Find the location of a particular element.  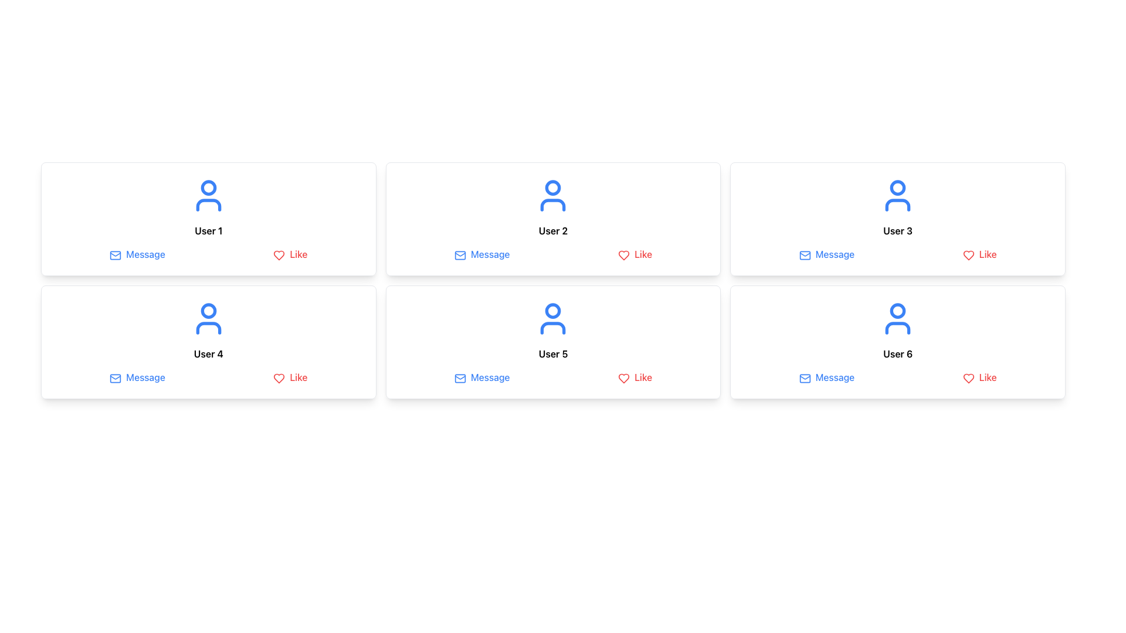

the 'Like' button located in the bottom-right corner of 'User 4's profile card to change its color is located at coordinates (290, 377).